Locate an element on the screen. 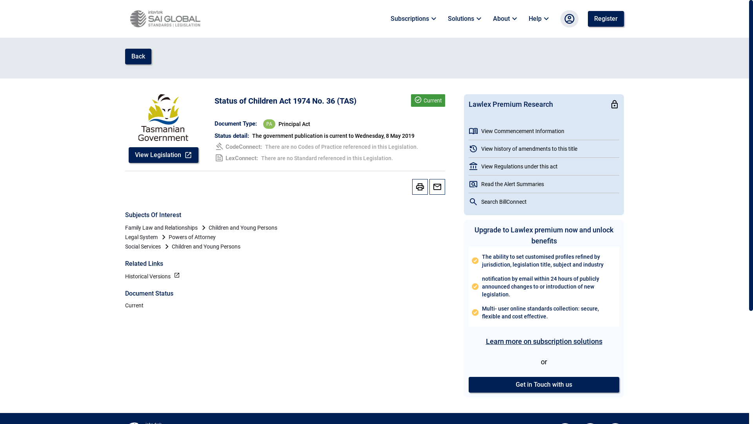 This screenshot has width=753, height=424. 'Family Law and Relationships' is located at coordinates (161, 227).